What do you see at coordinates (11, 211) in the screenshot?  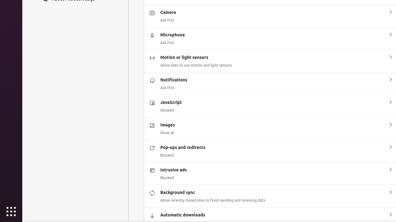 I see `'Show Applications'` at bounding box center [11, 211].